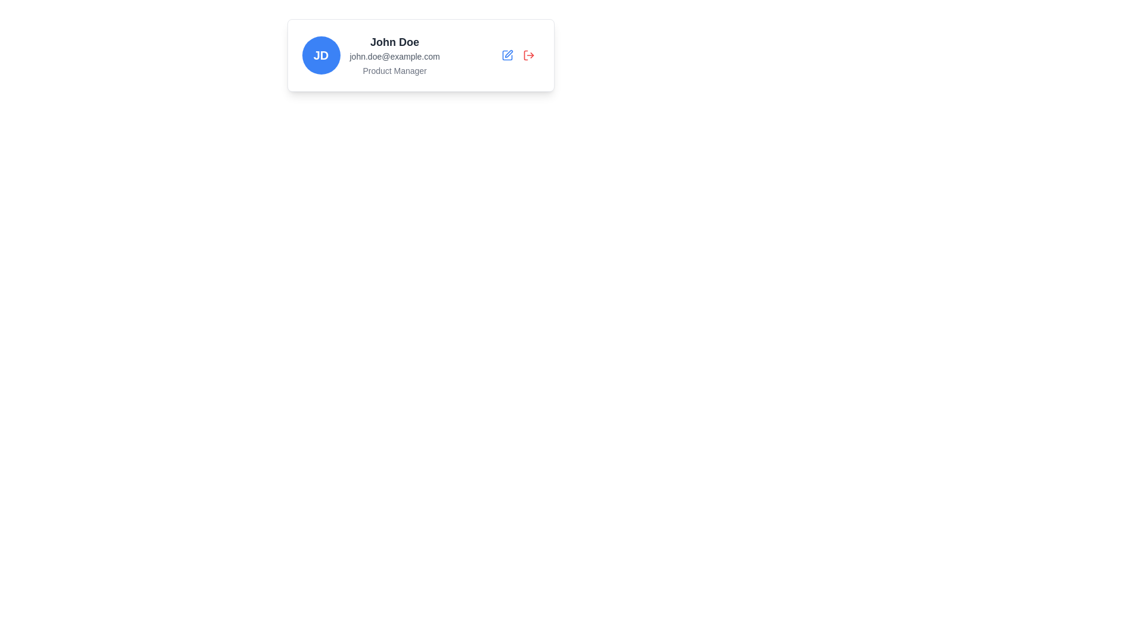 The width and height of the screenshot is (1145, 644). What do you see at coordinates (395, 57) in the screenshot?
I see `the text 'john.doe@example.com' located below 'John Doe' and above 'Product Manager'` at bounding box center [395, 57].